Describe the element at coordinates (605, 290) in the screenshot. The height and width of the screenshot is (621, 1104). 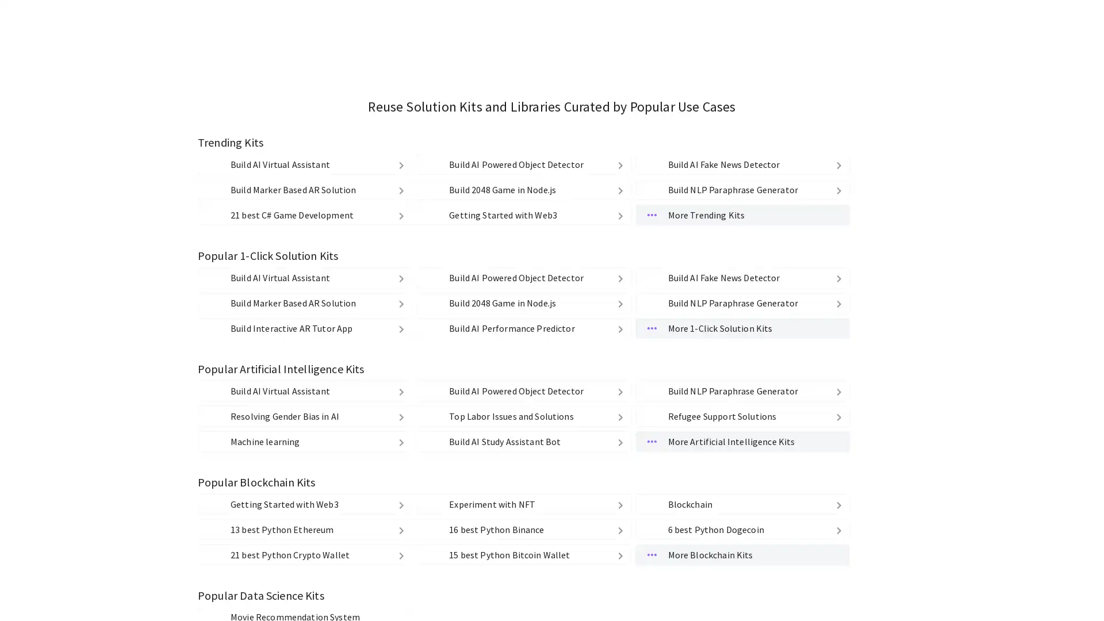
I see `Medium` at that location.